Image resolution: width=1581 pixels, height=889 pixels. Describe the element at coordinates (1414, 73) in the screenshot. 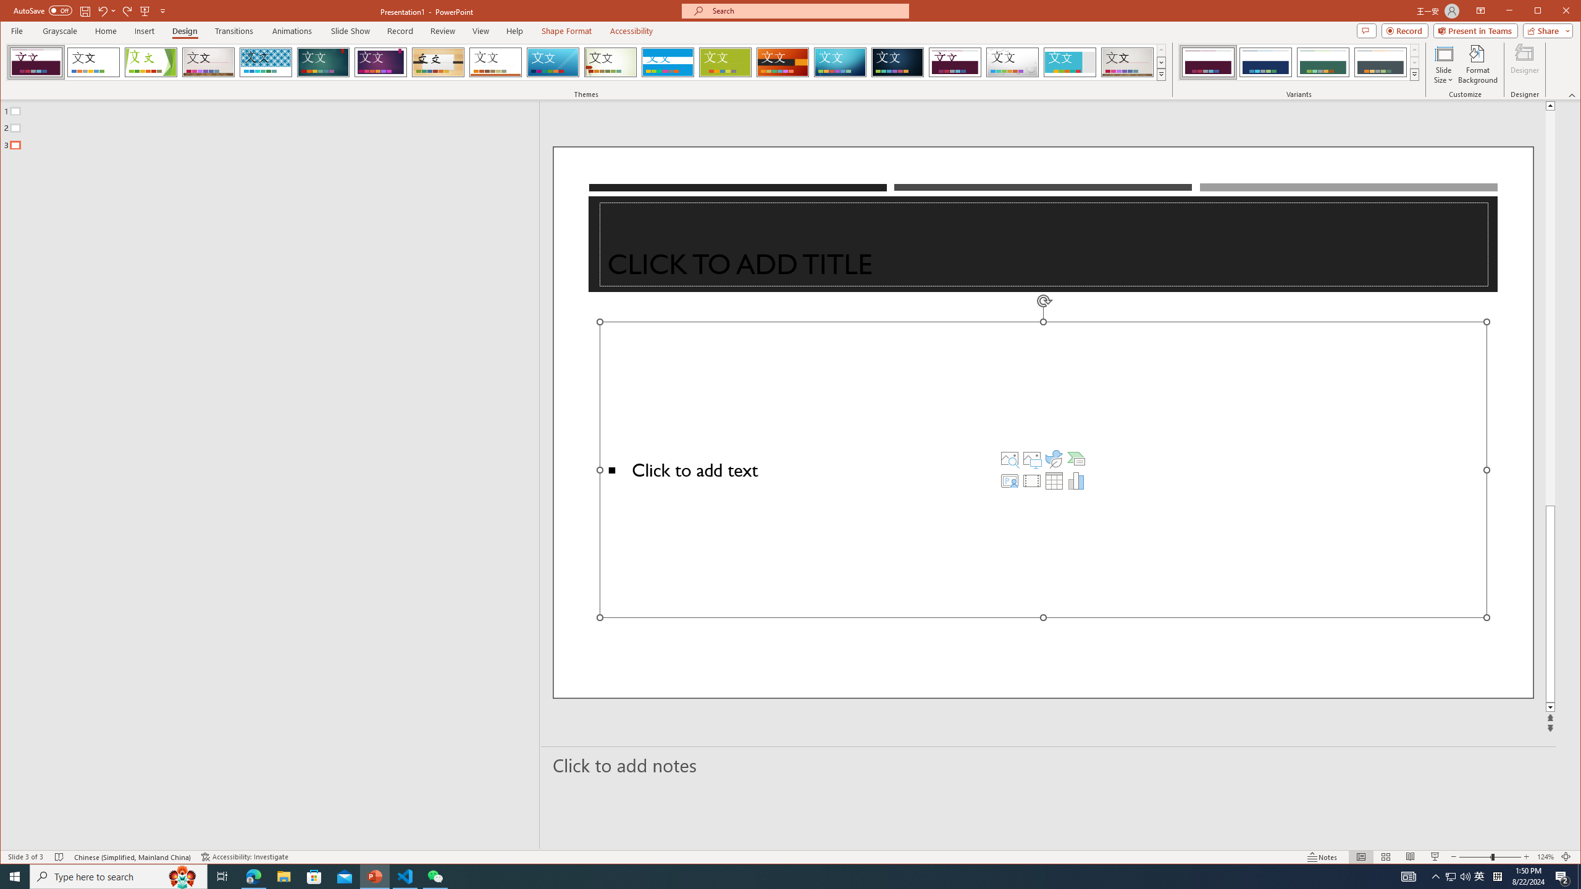

I see `'Variants'` at that location.